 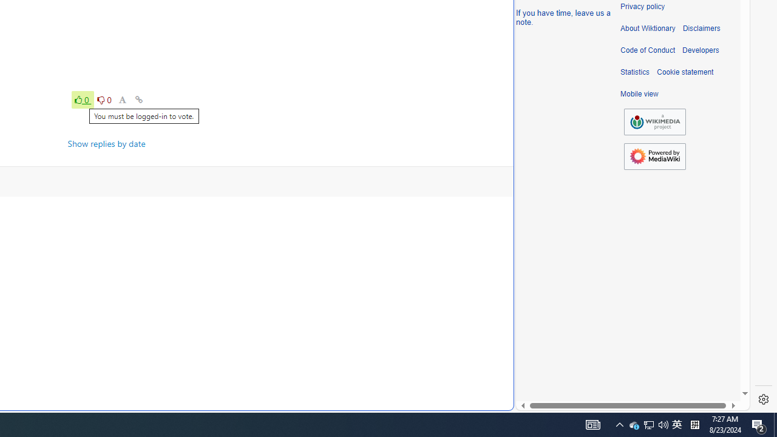 I want to click on 'Disclaimers', so click(x=701, y=28).